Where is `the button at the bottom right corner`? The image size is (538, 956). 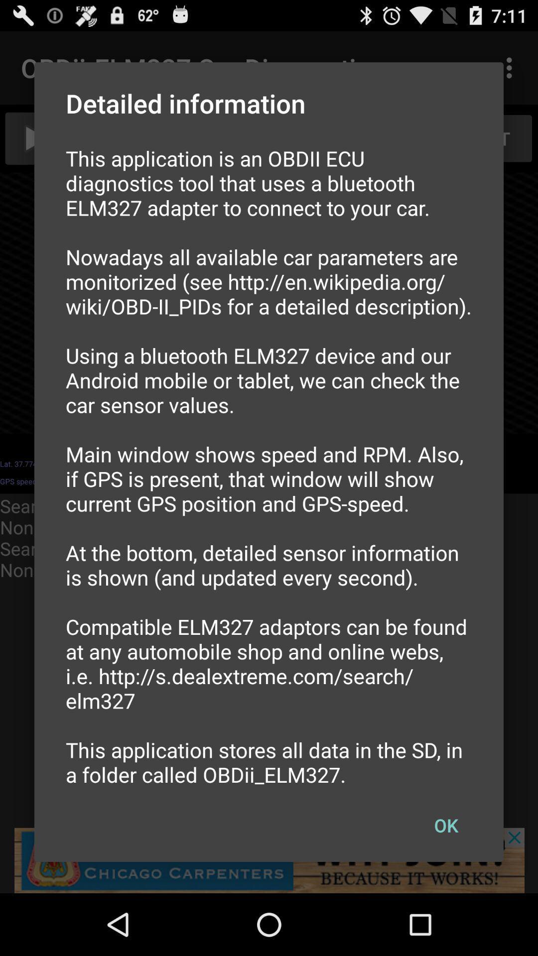
the button at the bottom right corner is located at coordinates (445, 825).